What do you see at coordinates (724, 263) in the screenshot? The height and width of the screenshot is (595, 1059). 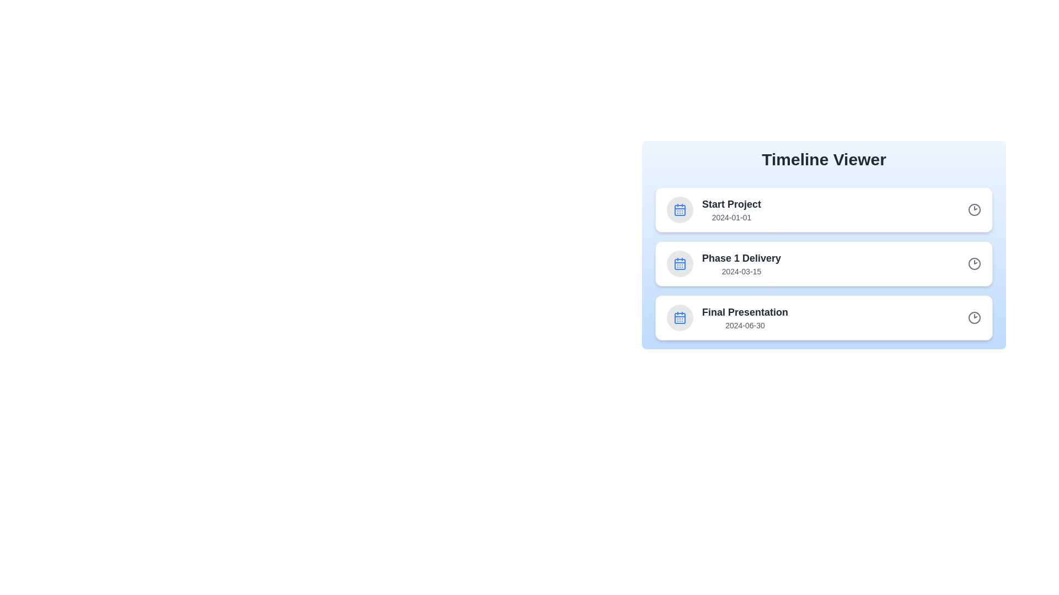 I see `the timeline event item for 'Phase 1 Delivery'` at bounding box center [724, 263].